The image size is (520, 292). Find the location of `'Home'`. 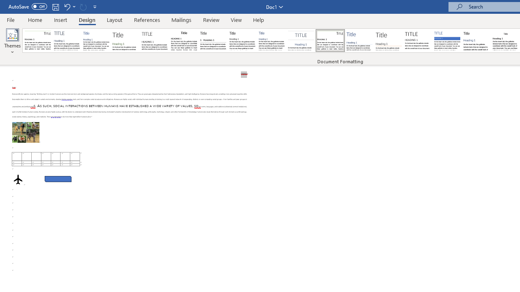

'Home' is located at coordinates (35, 19).